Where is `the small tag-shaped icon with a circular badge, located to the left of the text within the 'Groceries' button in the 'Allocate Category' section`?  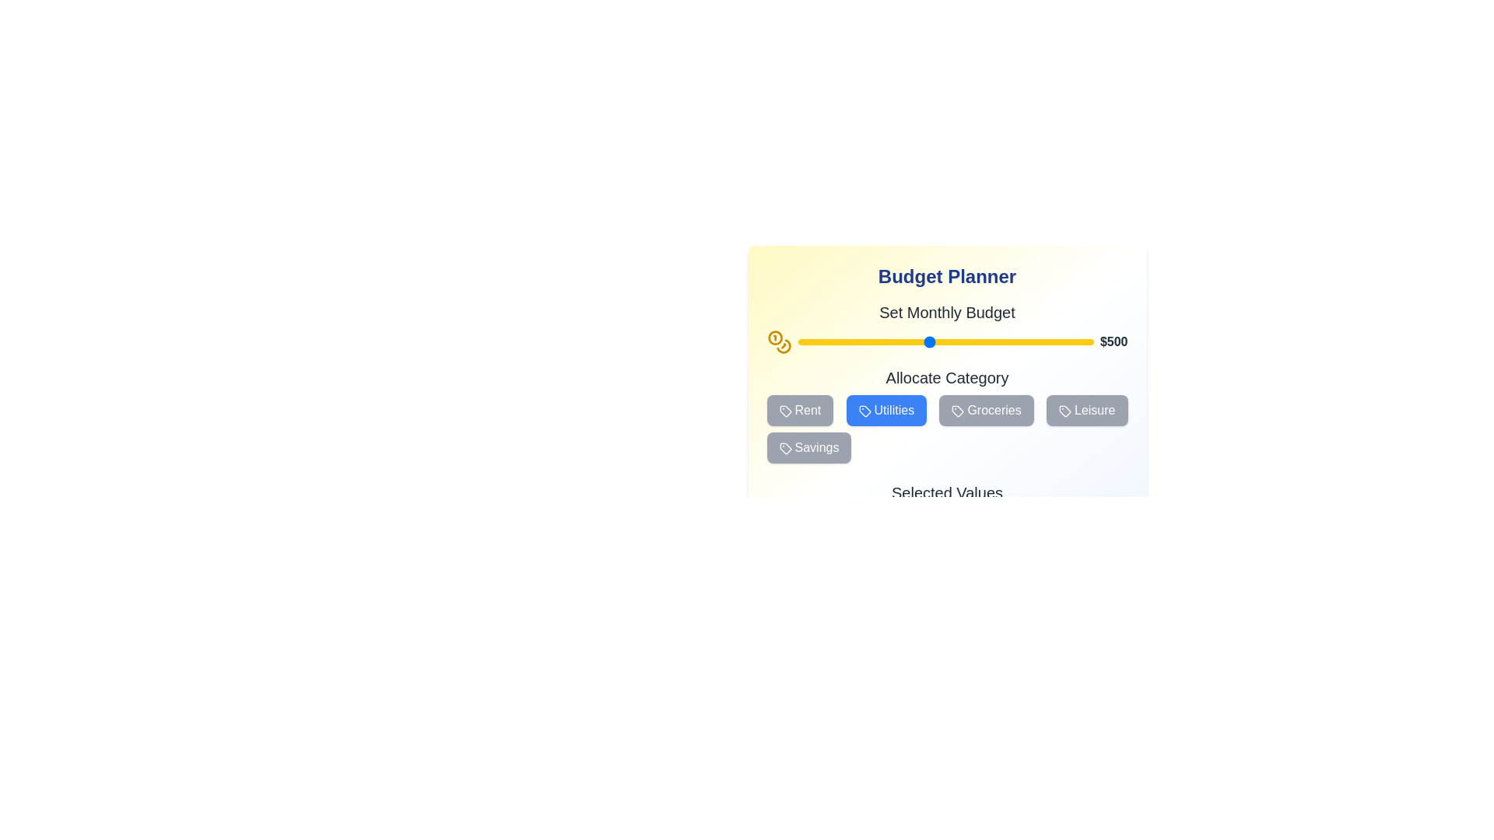
the small tag-shaped icon with a circular badge, located to the left of the text within the 'Groceries' button in the 'Allocate Category' section is located at coordinates (957, 410).